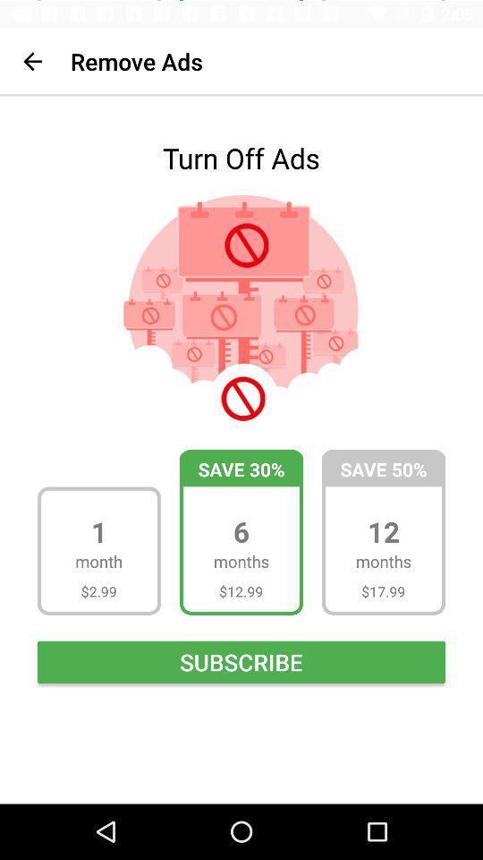  What do you see at coordinates (32, 61) in the screenshot?
I see `app next to the remove ads app` at bounding box center [32, 61].